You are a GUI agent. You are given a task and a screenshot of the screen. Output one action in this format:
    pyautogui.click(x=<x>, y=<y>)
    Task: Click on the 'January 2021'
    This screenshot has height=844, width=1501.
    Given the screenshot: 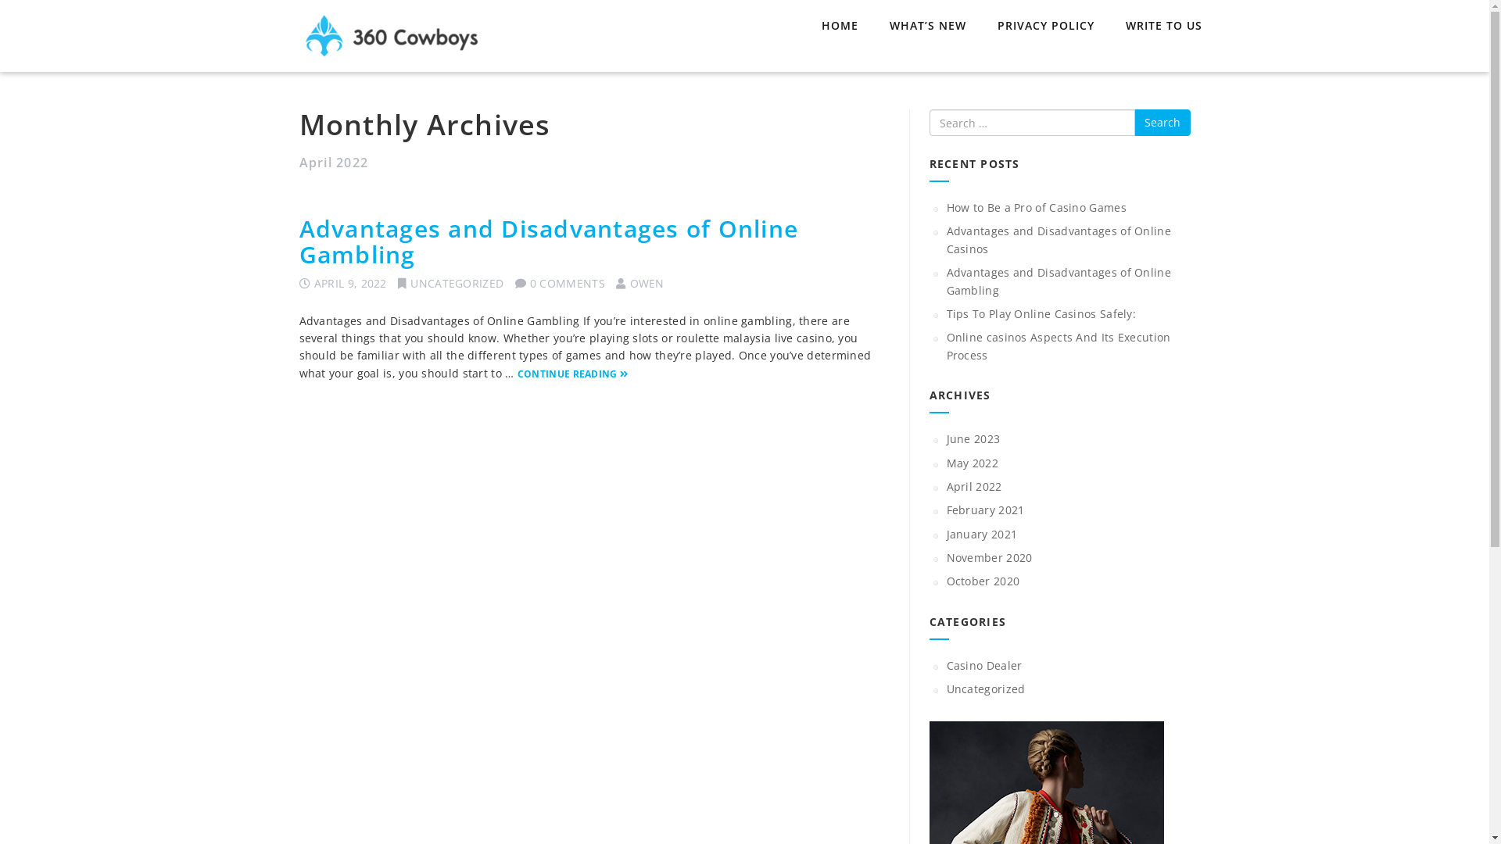 What is the action you would take?
    pyautogui.click(x=980, y=533)
    